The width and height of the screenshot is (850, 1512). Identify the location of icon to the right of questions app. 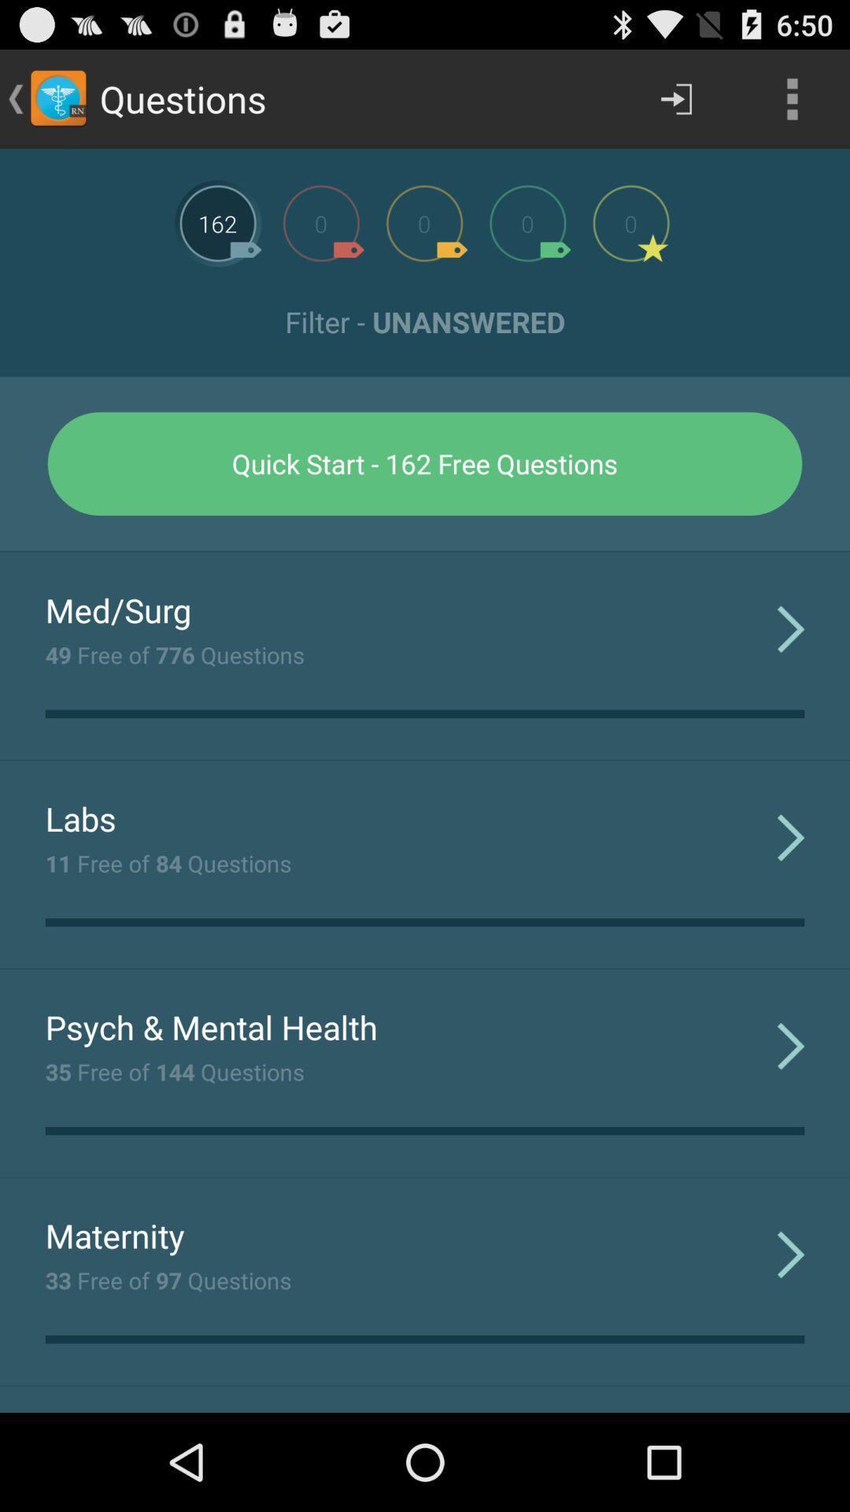
(675, 98).